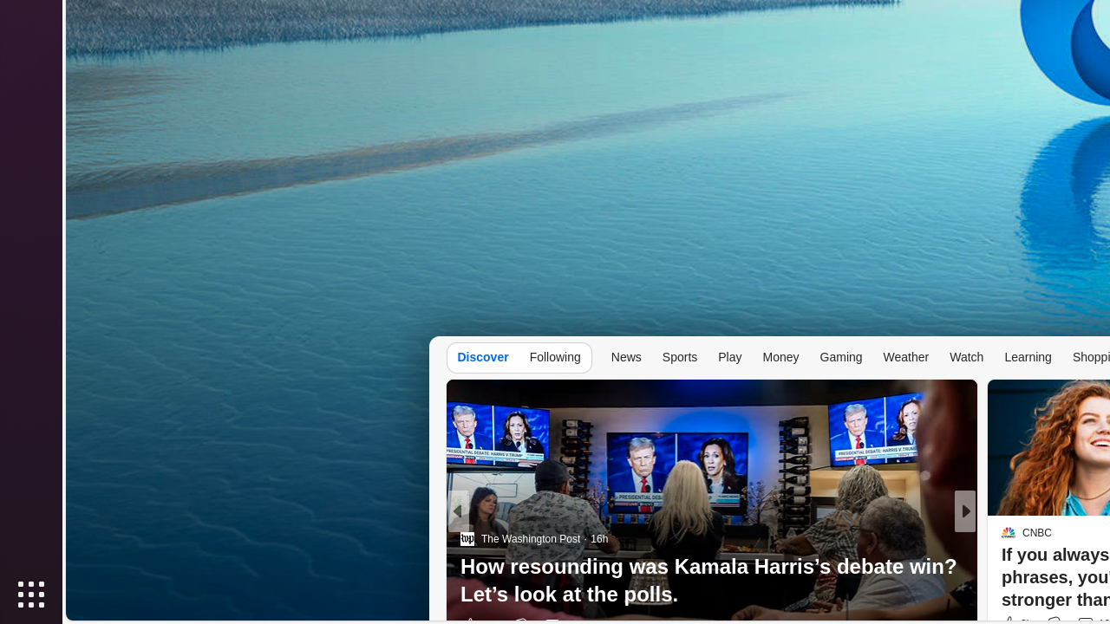 Image resolution: width=1110 pixels, height=624 pixels. What do you see at coordinates (1028, 355) in the screenshot?
I see `'Learning'` at bounding box center [1028, 355].